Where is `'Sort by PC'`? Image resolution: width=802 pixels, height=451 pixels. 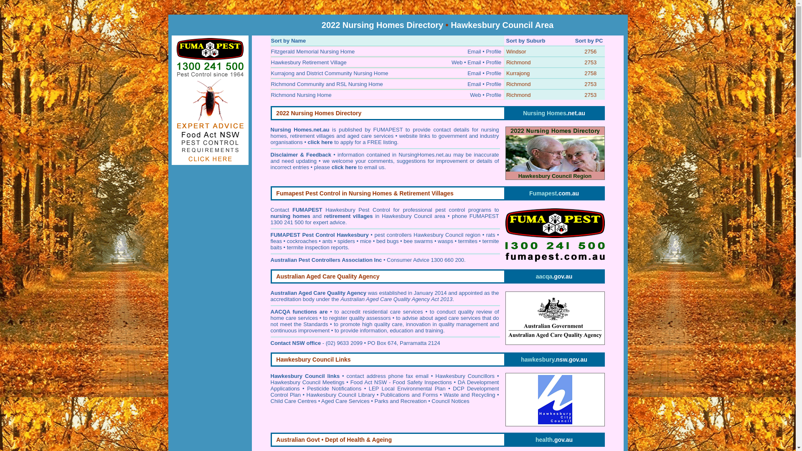 'Sort by PC' is located at coordinates (589, 41).